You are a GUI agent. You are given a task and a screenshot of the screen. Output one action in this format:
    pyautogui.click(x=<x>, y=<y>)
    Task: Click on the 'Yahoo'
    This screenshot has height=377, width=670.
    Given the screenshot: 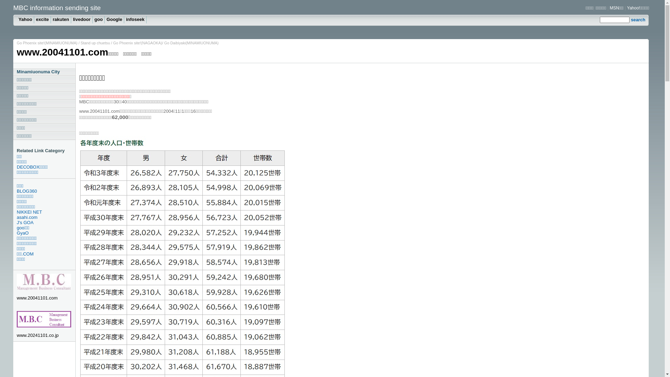 What is the action you would take?
    pyautogui.click(x=25, y=19)
    